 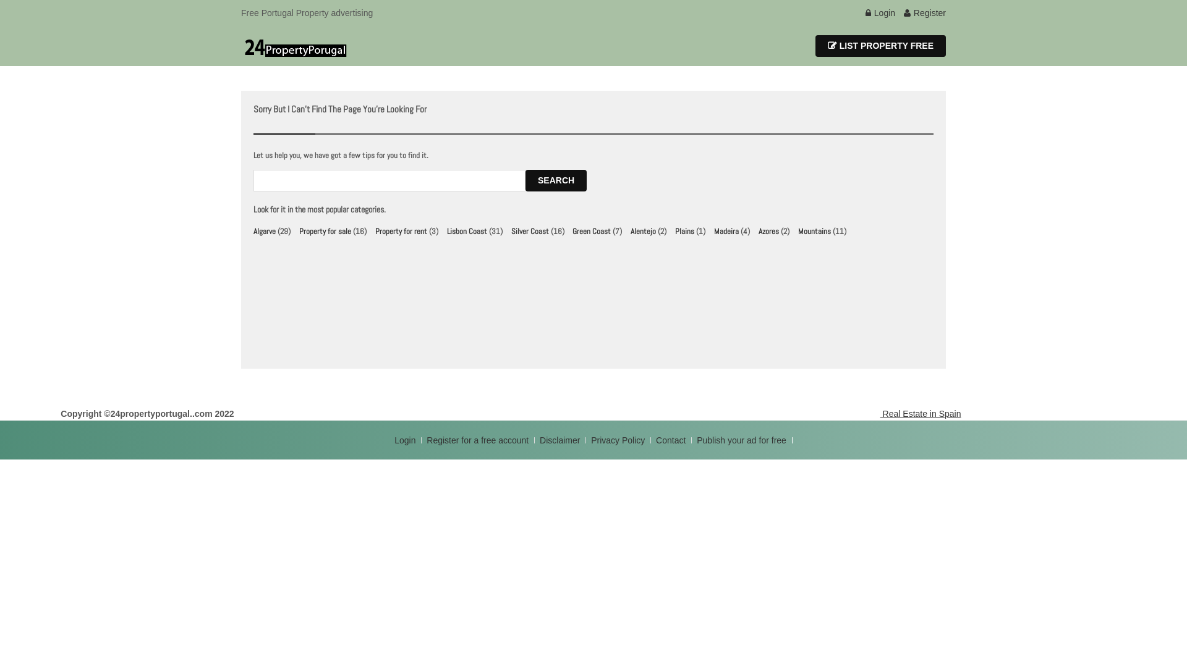 What do you see at coordinates (530, 231) in the screenshot?
I see `'Silver Coast'` at bounding box center [530, 231].